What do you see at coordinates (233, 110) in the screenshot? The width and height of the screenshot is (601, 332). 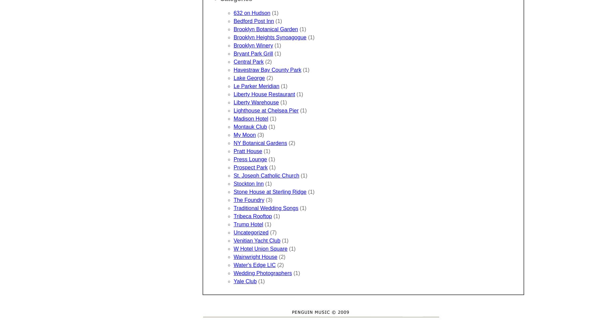 I see `'Lighthouse at Chelsea Pier'` at bounding box center [233, 110].